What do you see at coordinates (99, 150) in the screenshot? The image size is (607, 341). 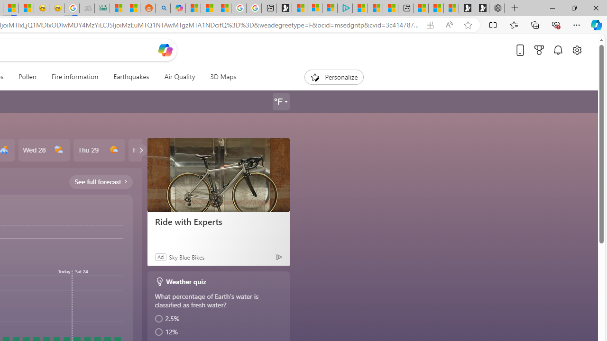 I see `'Thu 29'` at bounding box center [99, 150].